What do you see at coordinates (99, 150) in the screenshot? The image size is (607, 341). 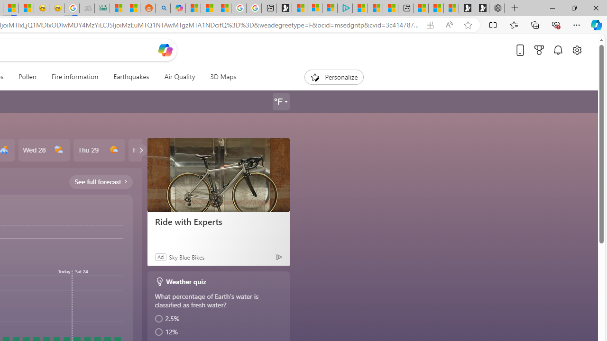 I see `'Thu 29'` at bounding box center [99, 150].